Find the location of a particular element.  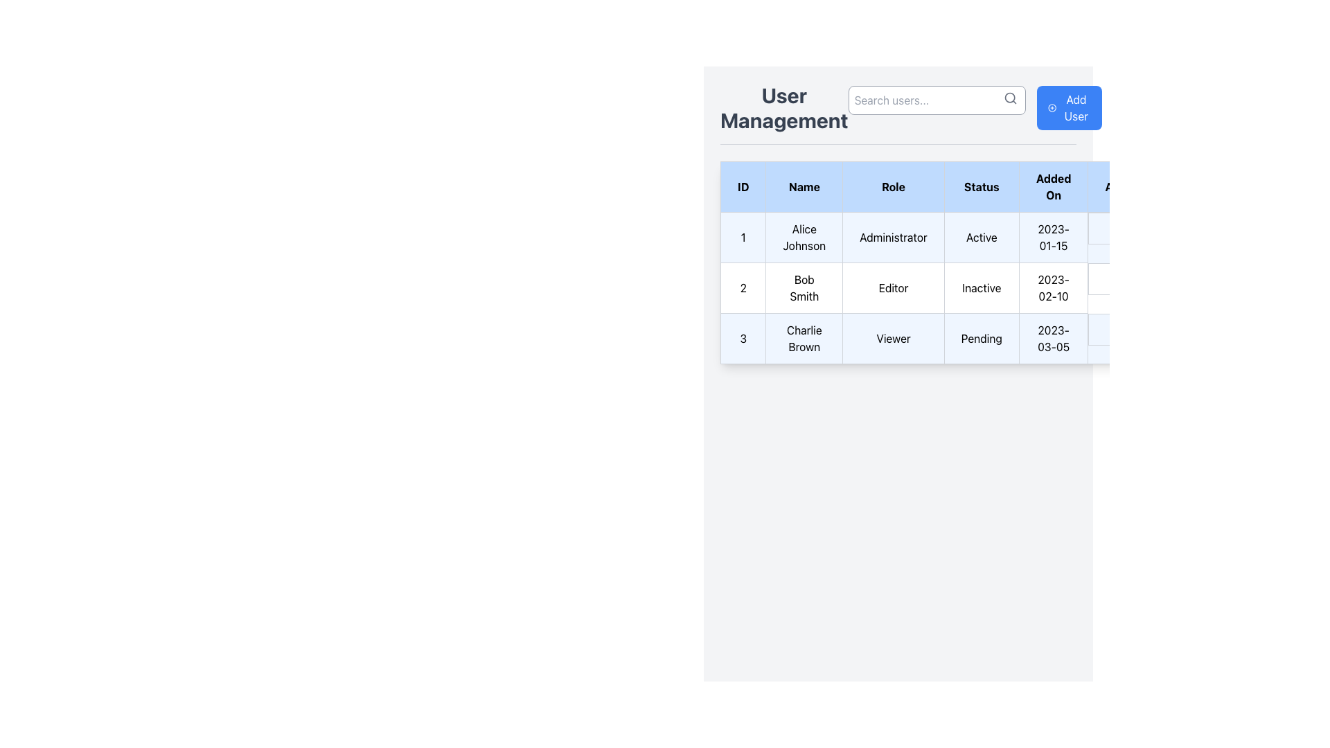

the 'Role' header cell in the table, which is the third cell from the left, located between 'Name' and 'Status' is located at coordinates (894, 187).